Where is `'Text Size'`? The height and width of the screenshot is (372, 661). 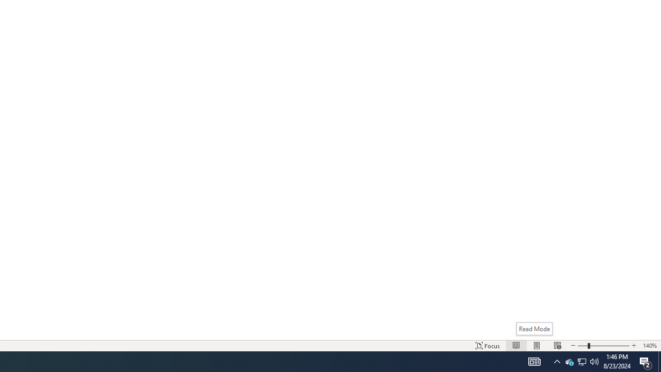 'Text Size' is located at coordinates (603, 346).